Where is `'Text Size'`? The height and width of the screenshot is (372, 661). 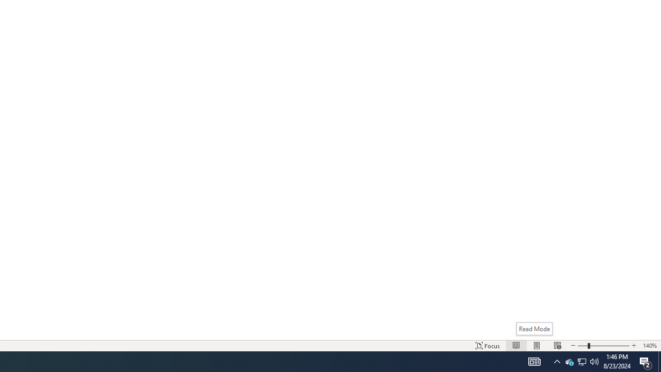 'Text Size' is located at coordinates (603, 346).